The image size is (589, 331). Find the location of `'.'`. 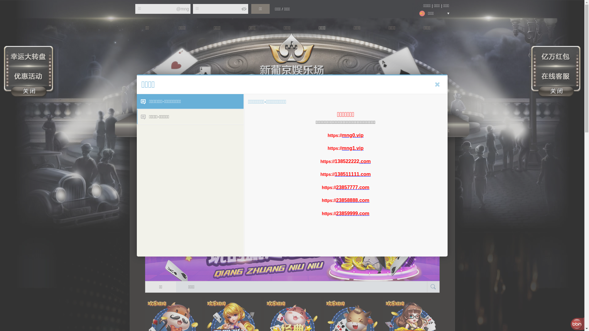

'.' is located at coordinates (355, 148).